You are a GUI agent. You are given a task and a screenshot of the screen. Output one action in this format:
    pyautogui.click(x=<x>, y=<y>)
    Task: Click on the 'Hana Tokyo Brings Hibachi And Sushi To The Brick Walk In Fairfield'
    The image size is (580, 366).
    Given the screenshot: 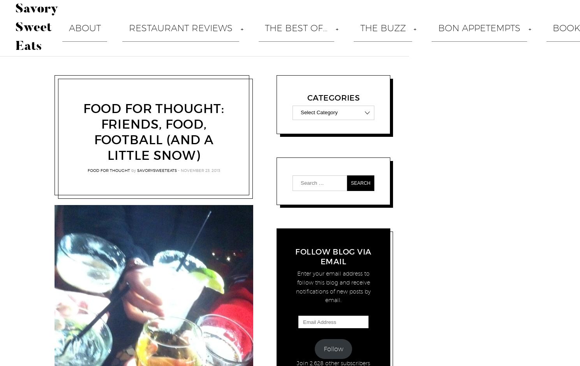 What is the action you would take?
    pyautogui.click(x=112, y=187)
    